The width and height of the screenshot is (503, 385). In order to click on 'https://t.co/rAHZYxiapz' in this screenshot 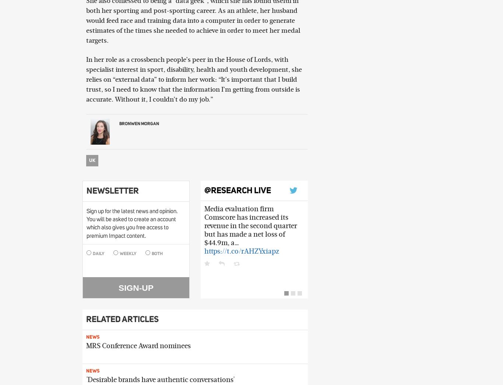, I will do `click(204, 251)`.